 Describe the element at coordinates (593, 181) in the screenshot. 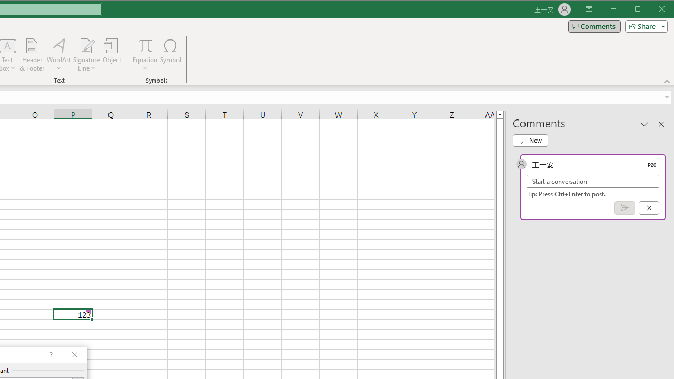

I see `'Start a conversation'` at that location.